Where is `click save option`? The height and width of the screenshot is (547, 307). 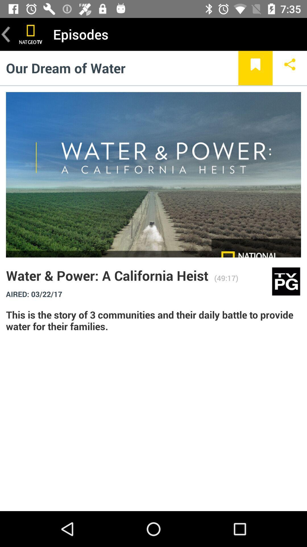
click save option is located at coordinates (255, 68).